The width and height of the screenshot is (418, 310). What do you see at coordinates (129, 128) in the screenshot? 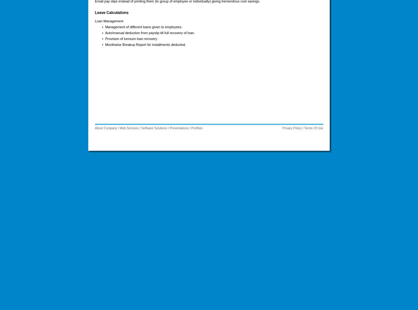
I see `'Web Services'` at bounding box center [129, 128].